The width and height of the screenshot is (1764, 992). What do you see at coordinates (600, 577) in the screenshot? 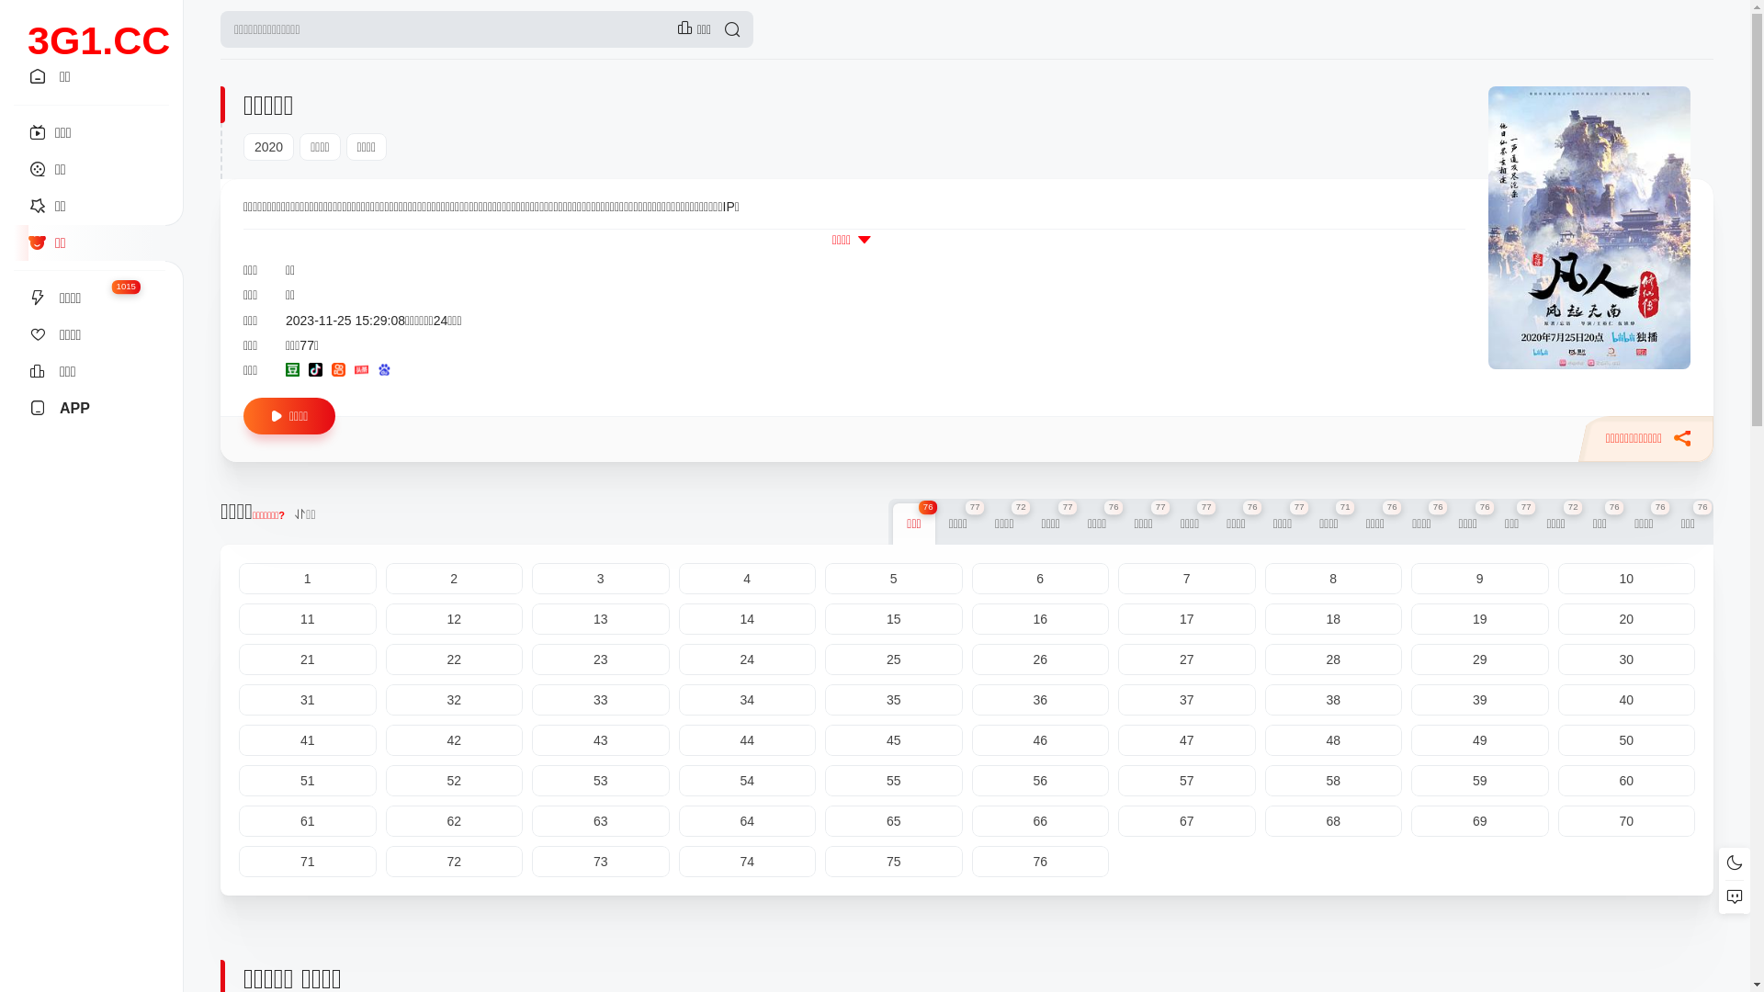
I see `'3'` at bounding box center [600, 577].